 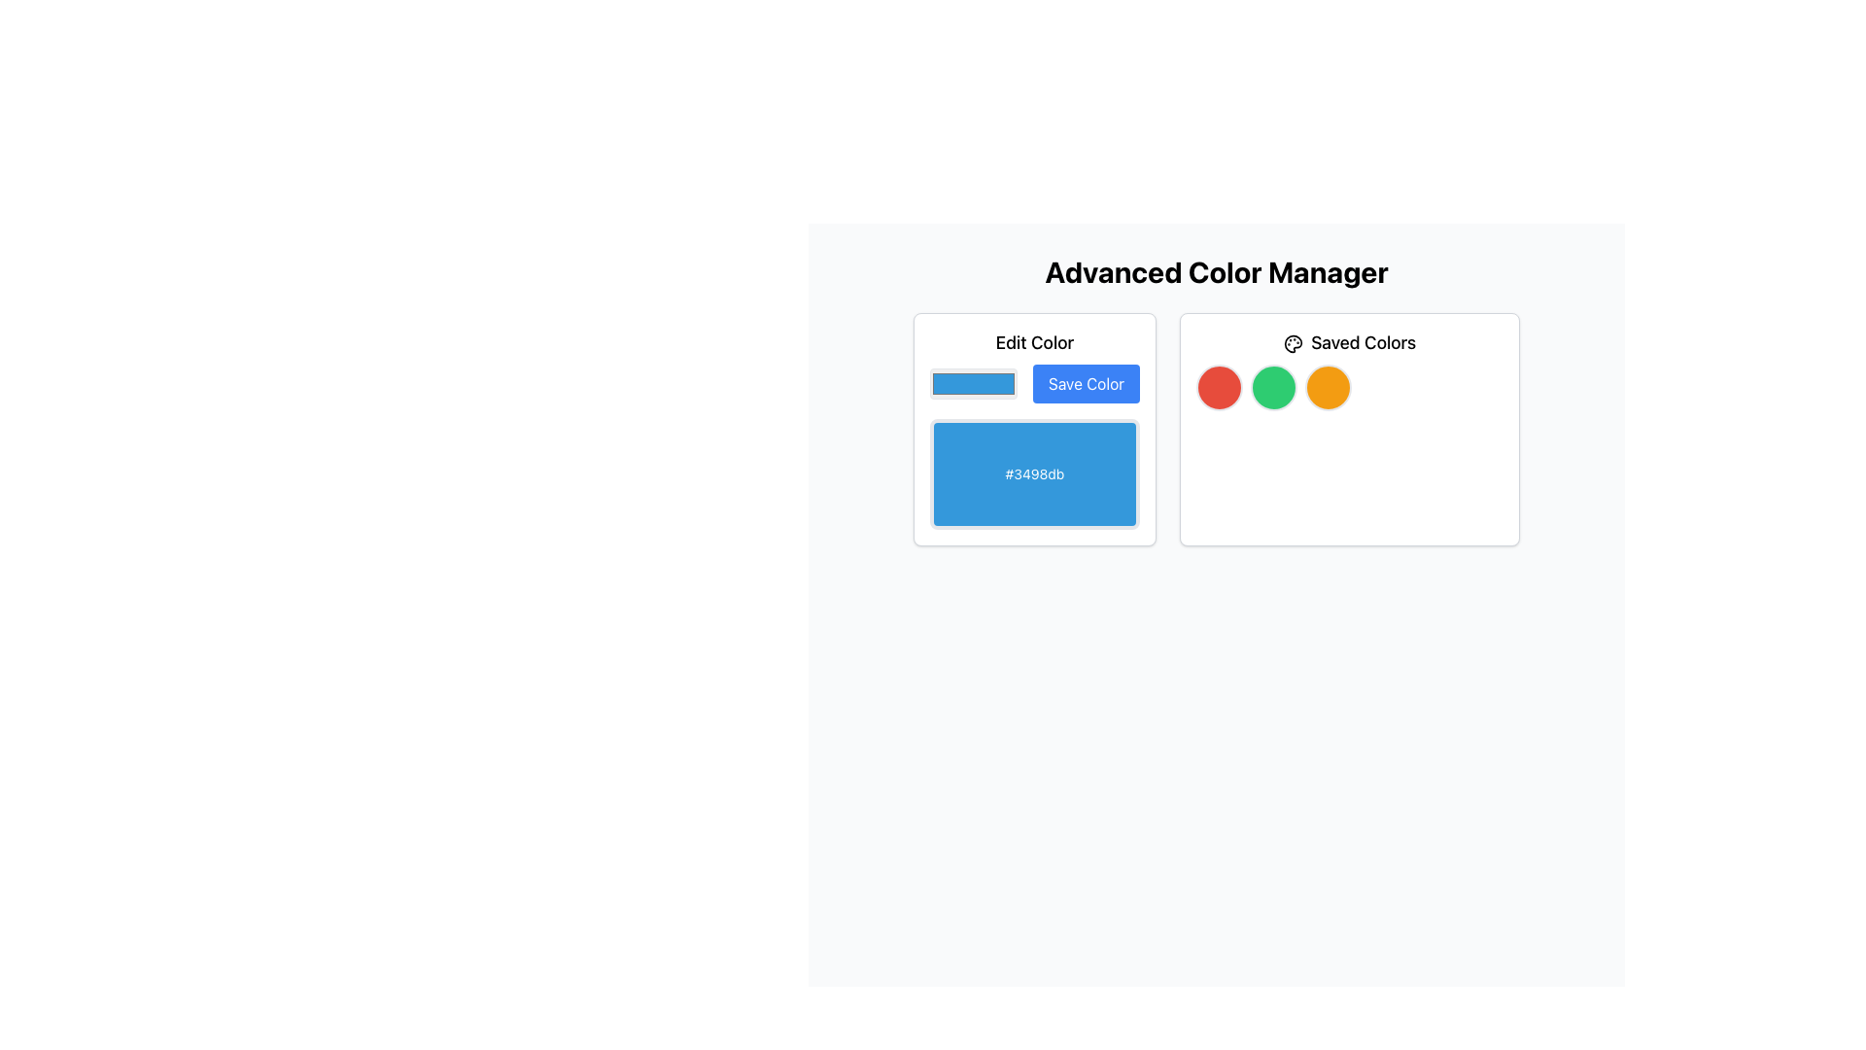 I want to click on the non-interactive text label displaying the hexadecimal color code '#3498db' located in the 'Edit Color' section of the interface, so click(x=1034, y=474).